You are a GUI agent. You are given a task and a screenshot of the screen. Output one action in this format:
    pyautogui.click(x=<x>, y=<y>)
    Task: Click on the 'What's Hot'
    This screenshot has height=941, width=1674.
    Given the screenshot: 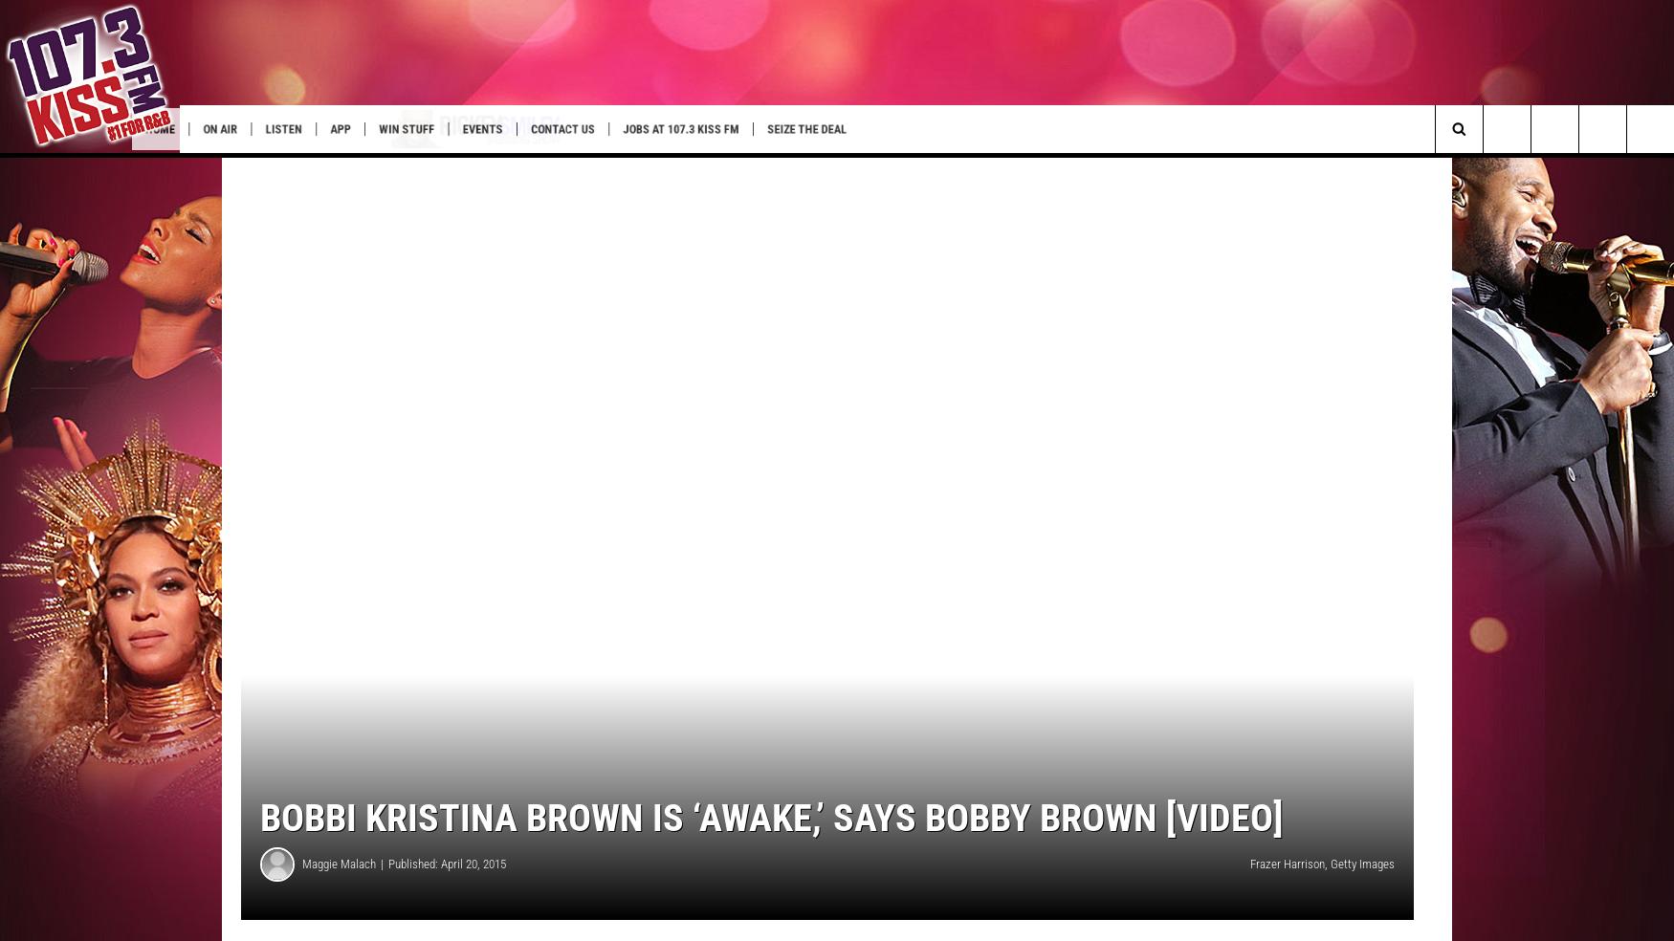 What is the action you would take?
    pyautogui.click(x=47, y=168)
    